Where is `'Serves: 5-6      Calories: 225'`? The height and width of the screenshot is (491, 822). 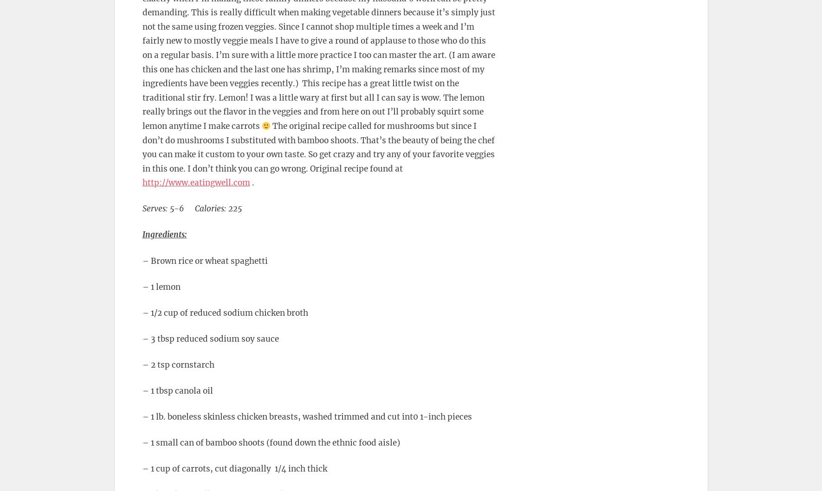
'Serves: 5-6      Calories: 225' is located at coordinates (142, 208).